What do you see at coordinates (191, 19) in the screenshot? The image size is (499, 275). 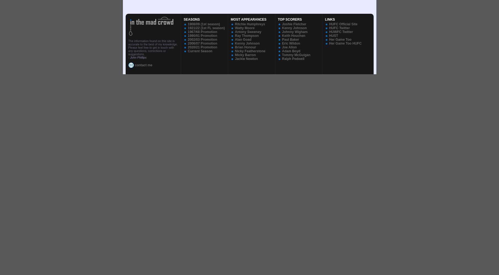 I see `'Seasons'` at bounding box center [191, 19].